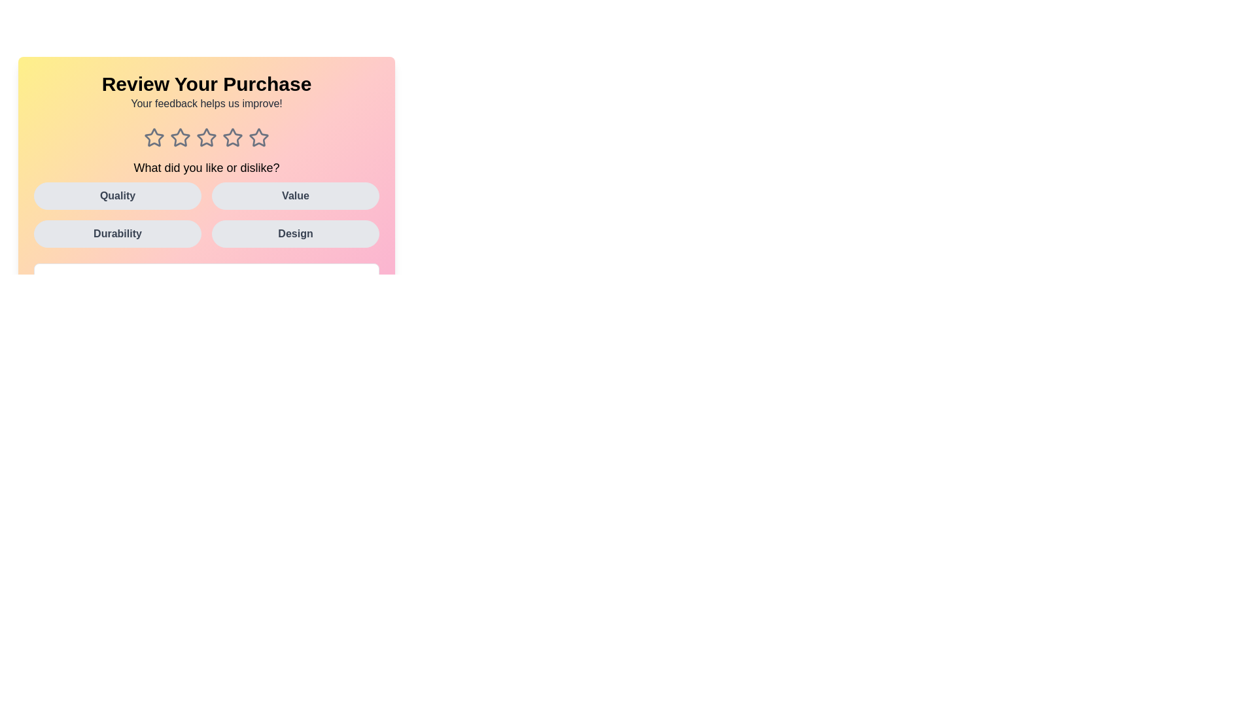 Image resolution: width=1256 pixels, height=706 pixels. I want to click on the first unselected rating star, so click(154, 137).